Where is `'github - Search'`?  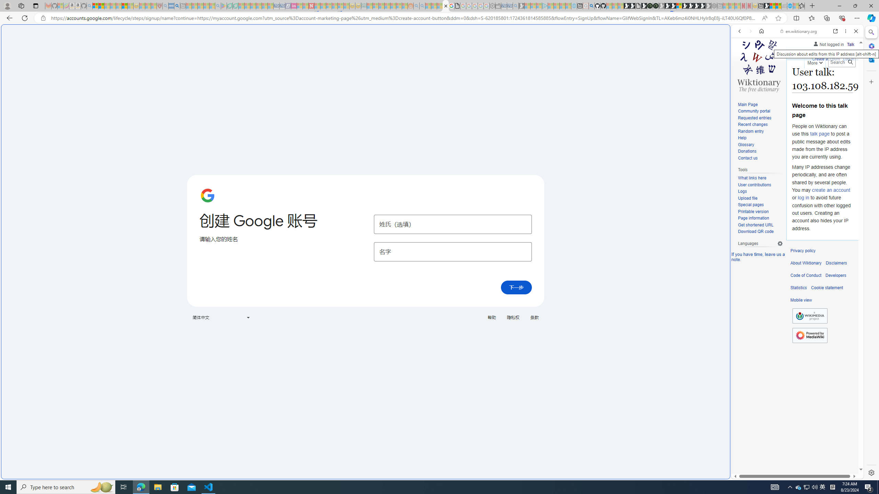 'github - Search' is located at coordinates (591, 5).